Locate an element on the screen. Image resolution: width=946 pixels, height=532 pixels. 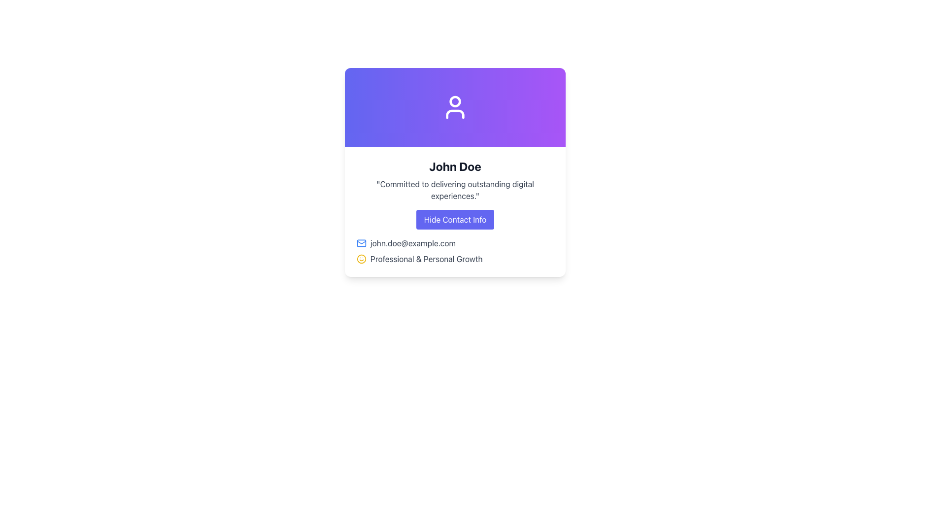
the user icon represented by a minimal figure with a circular head and shoulders, located at the top center of the UI card's header against a purple gradient background is located at coordinates (455, 107).